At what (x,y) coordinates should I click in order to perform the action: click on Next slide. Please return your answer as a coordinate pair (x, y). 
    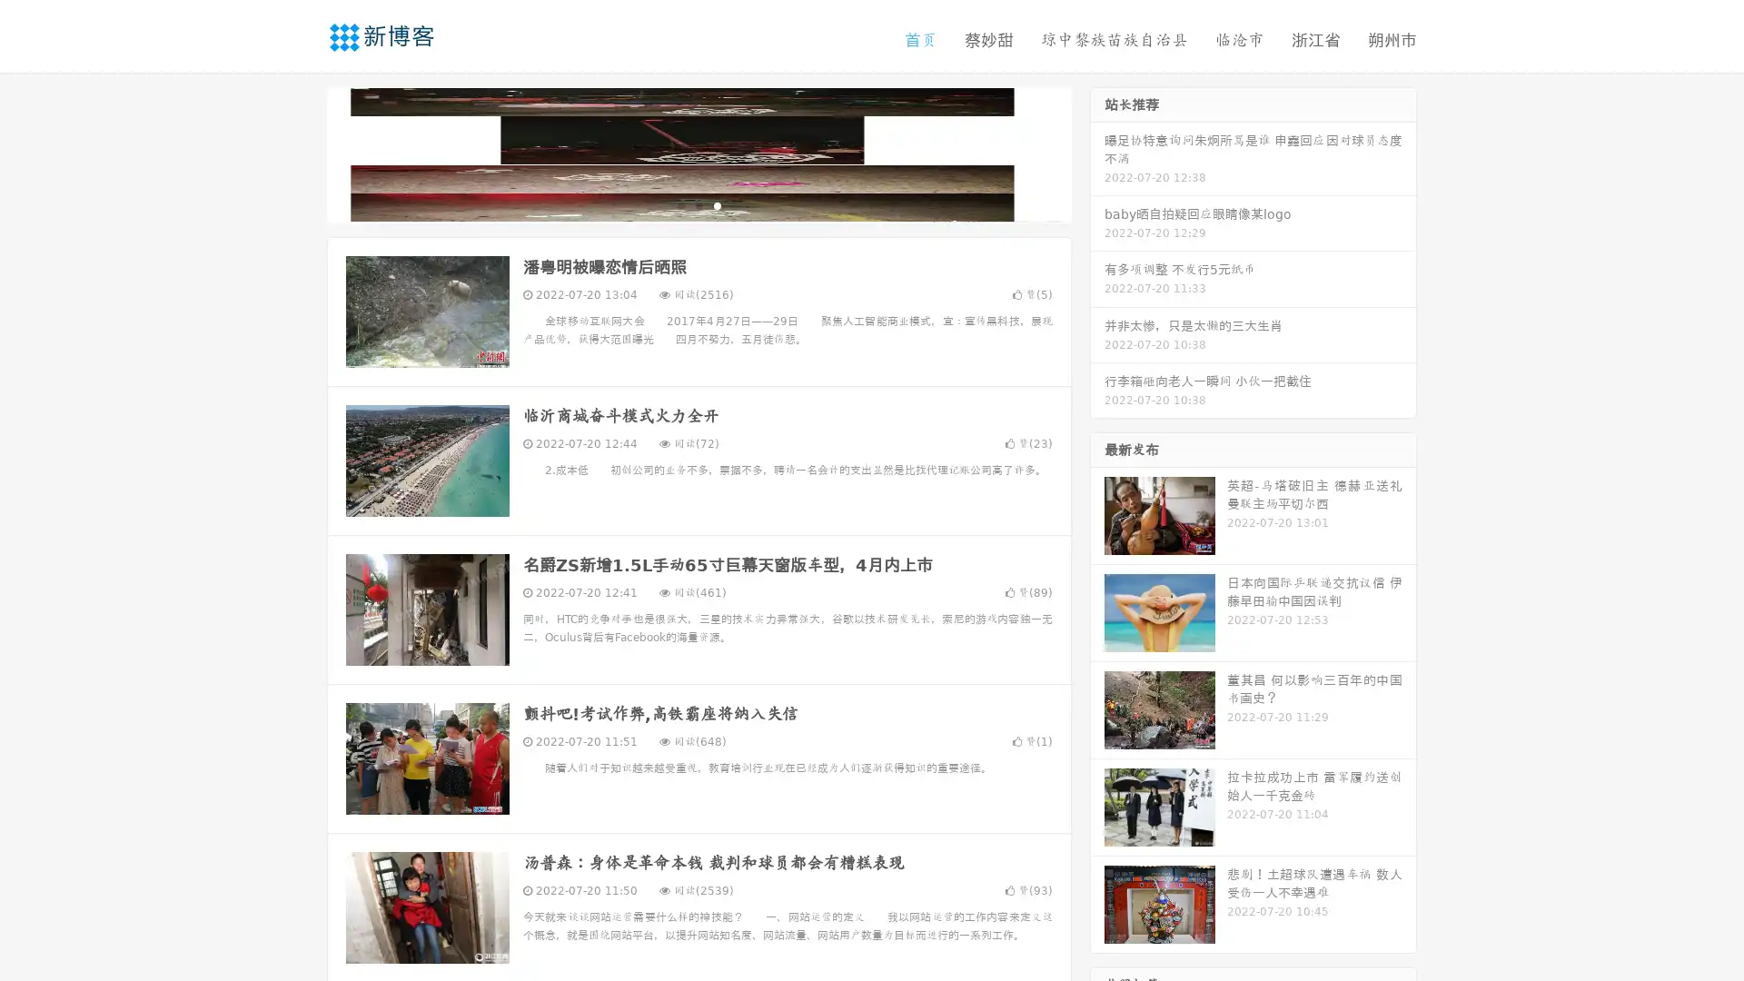
    Looking at the image, I should click on (1097, 153).